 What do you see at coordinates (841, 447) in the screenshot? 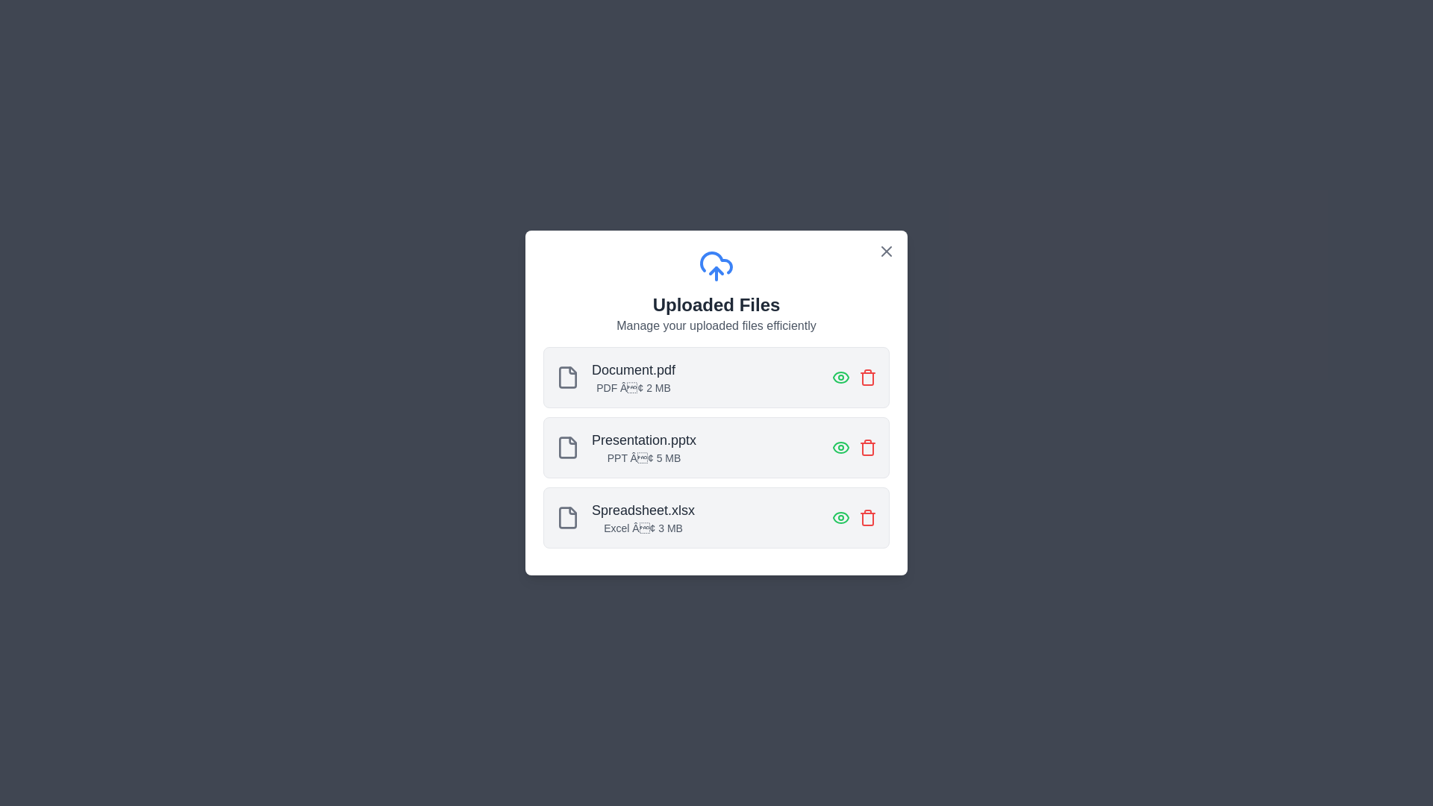
I see `the button located next to 'Presentation.pptx'` at bounding box center [841, 447].